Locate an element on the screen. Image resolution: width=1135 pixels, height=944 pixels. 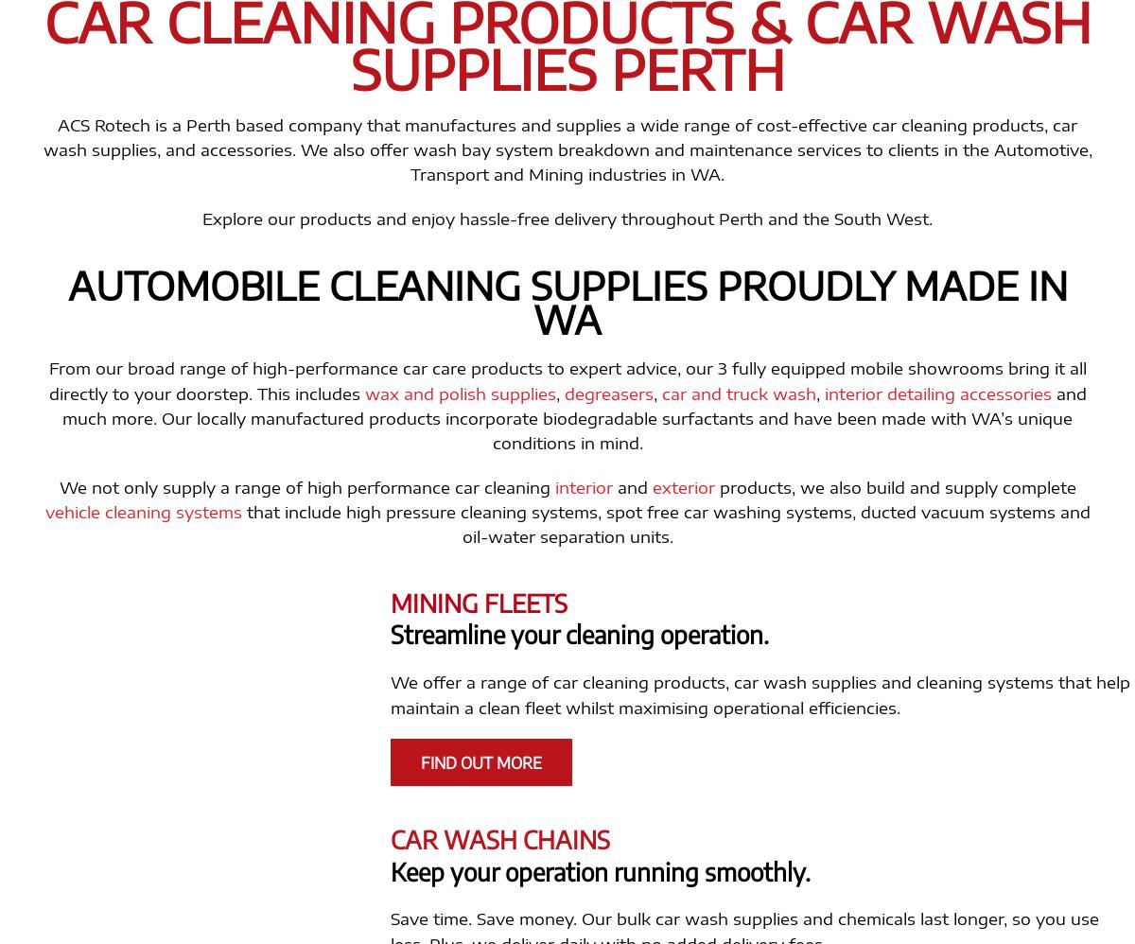
'AUTOMOBILE CLEANING SUPPLIES PROUDLY MADE IN WA' is located at coordinates (566, 302).